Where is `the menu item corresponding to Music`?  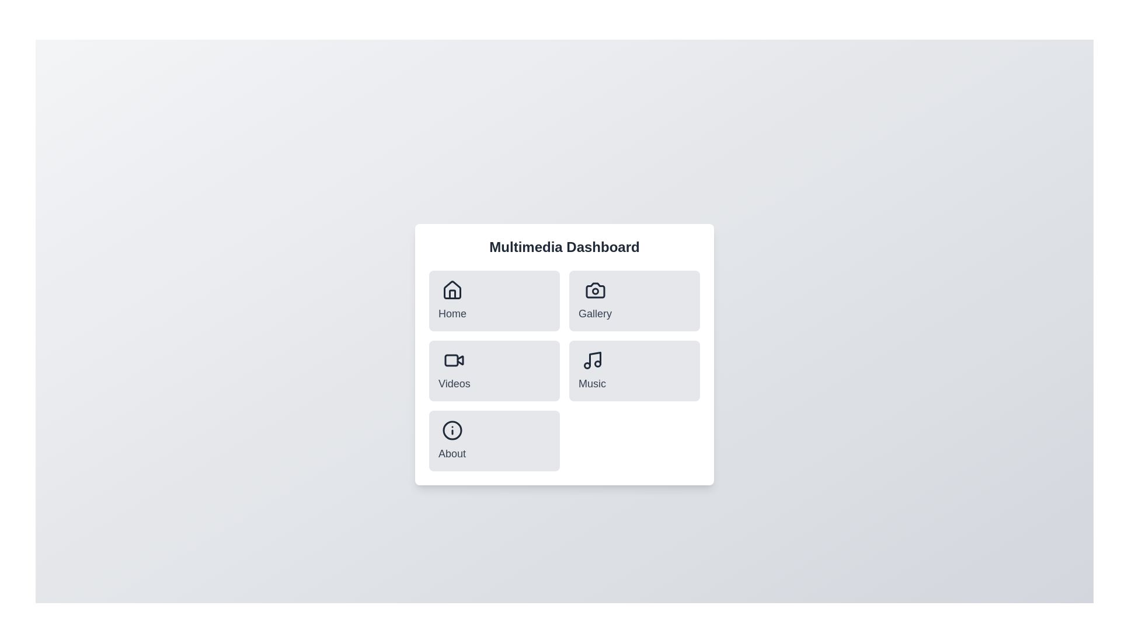
the menu item corresponding to Music is located at coordinates (591, 371).